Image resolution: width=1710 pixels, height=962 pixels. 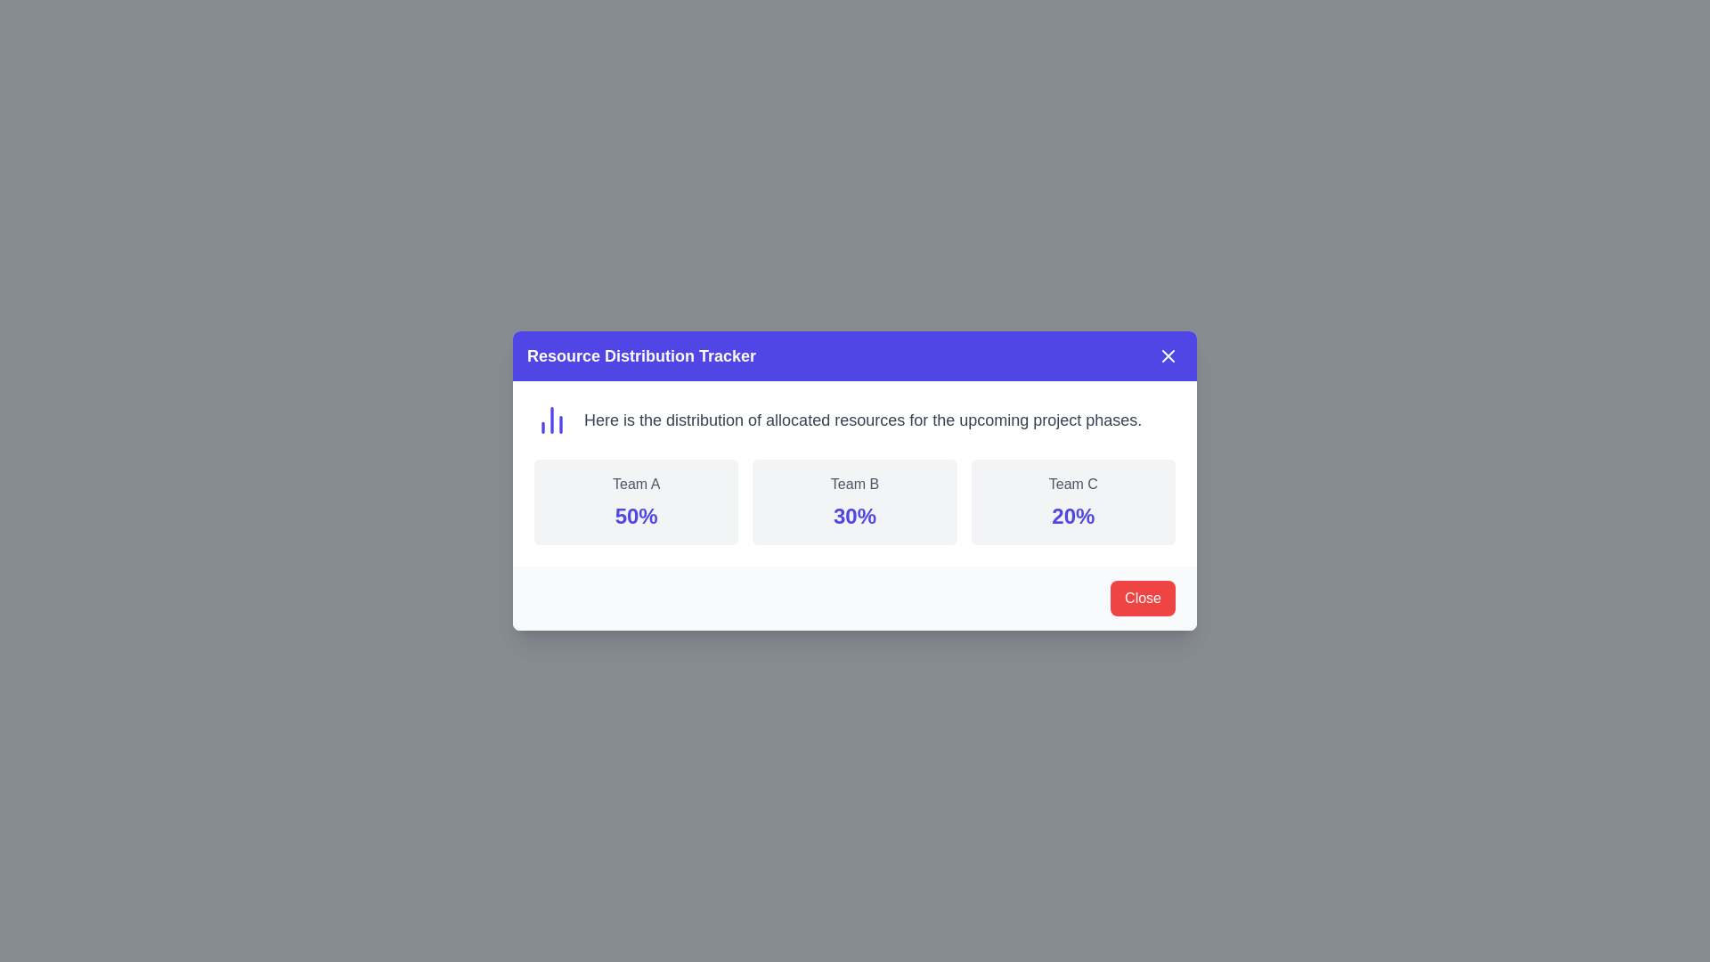 I want to click on the informational display box labeled 'Team B' that shows a bold percentage value '30%' in indigo, located in the middle of a grid of three boxes, so click(x=855, y=501).